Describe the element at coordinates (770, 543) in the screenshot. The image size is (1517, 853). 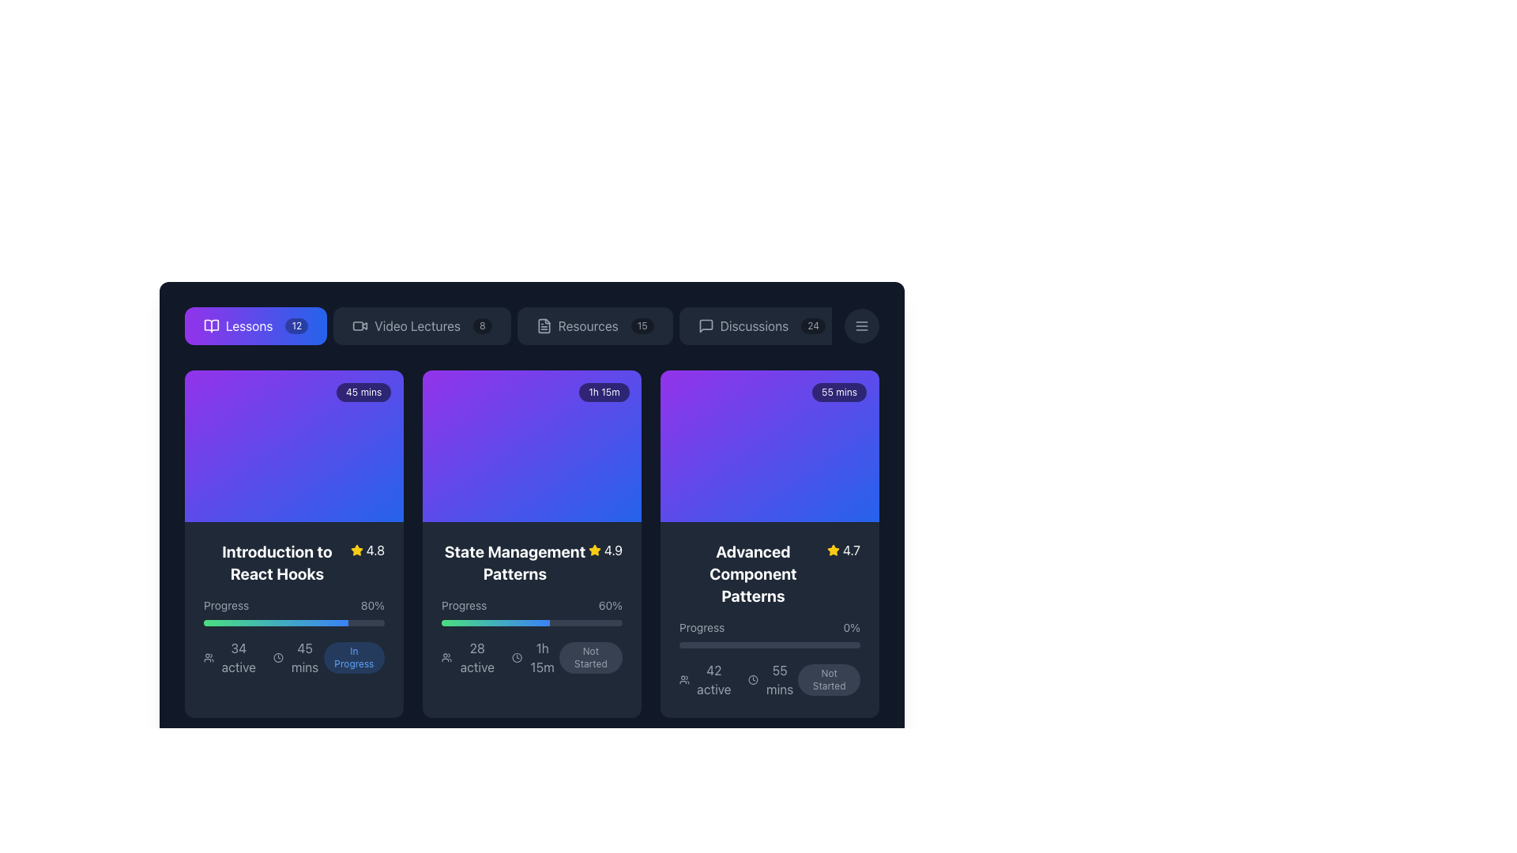
I see `the third educational module card` at that location.